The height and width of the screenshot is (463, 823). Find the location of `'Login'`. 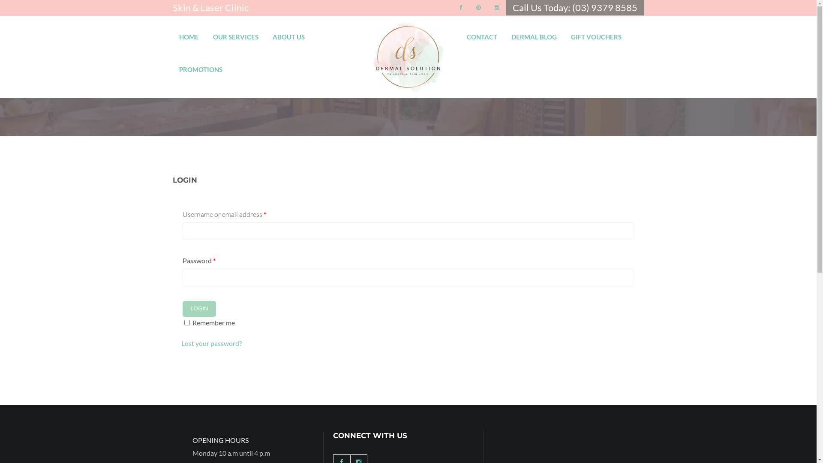

'Login' is located at coordinates (199, 309).